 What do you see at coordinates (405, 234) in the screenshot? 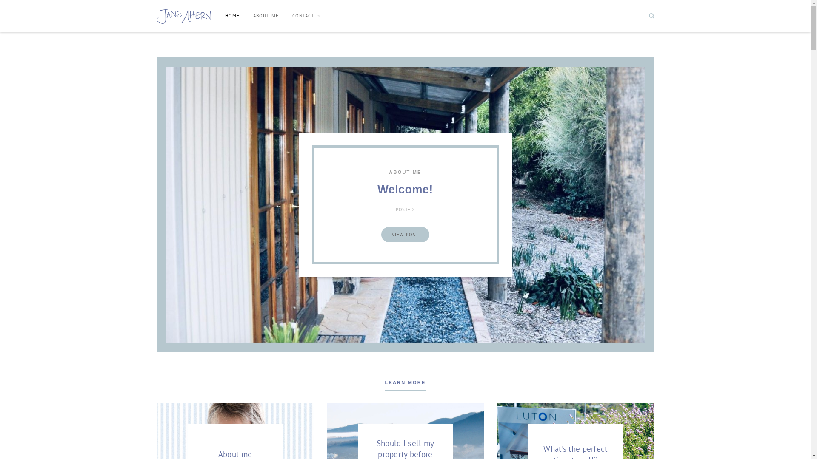
I see `'VIEW POST'` at bounding box center [405, 234].